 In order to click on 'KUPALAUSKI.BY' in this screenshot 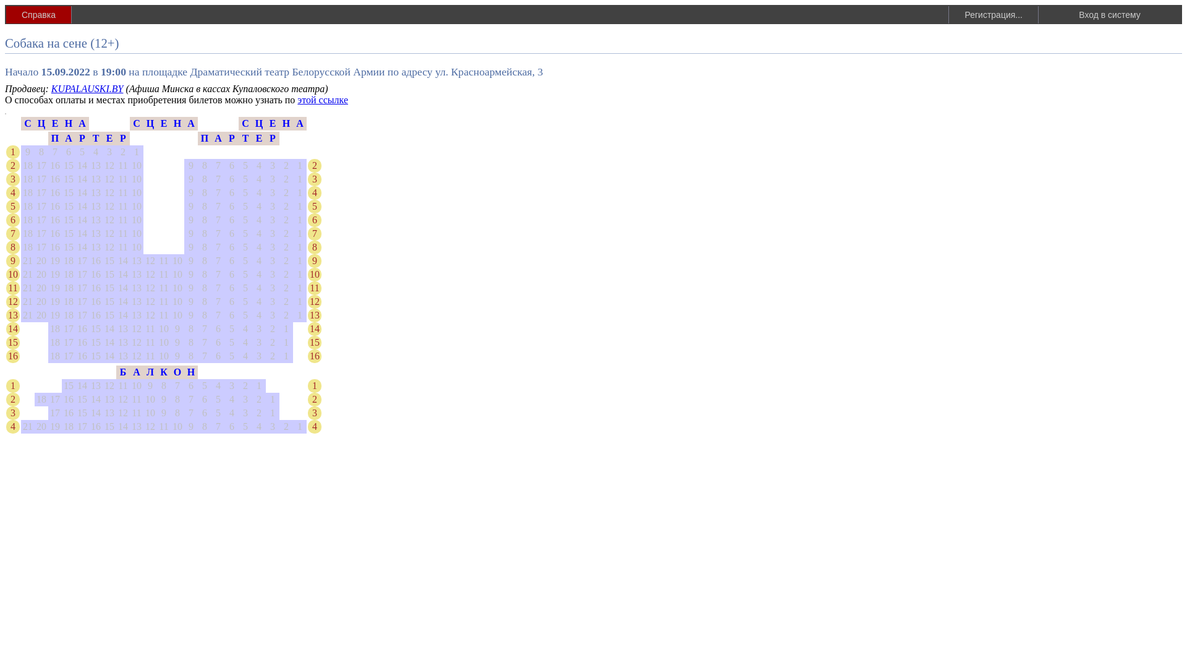, I will do `click(87, 88)`.